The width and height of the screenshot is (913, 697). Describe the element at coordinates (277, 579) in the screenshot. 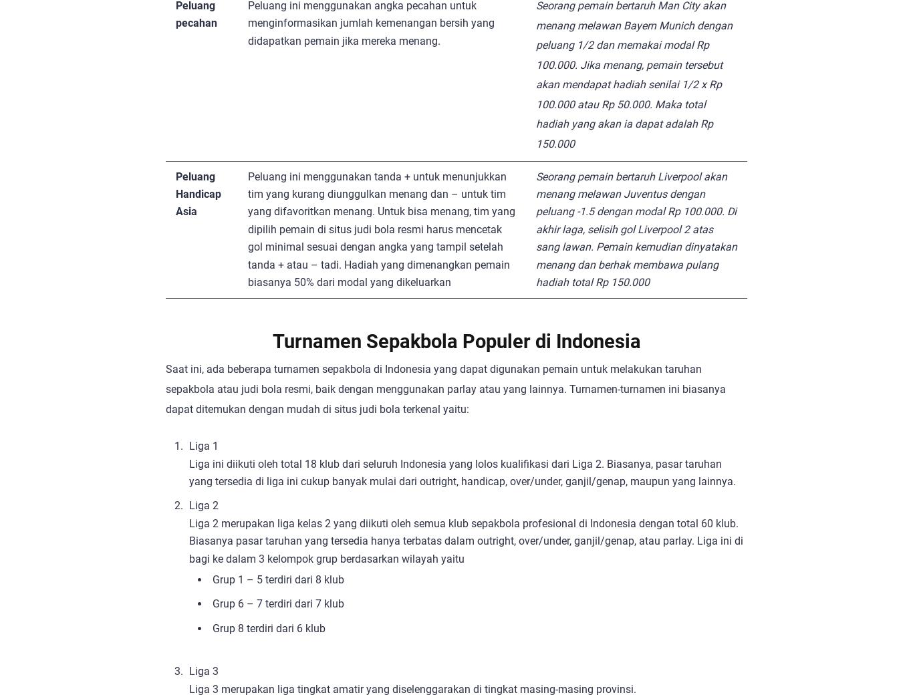

I see `'Grup 1 – 5 terdiri dari 8 klub'` at that location.